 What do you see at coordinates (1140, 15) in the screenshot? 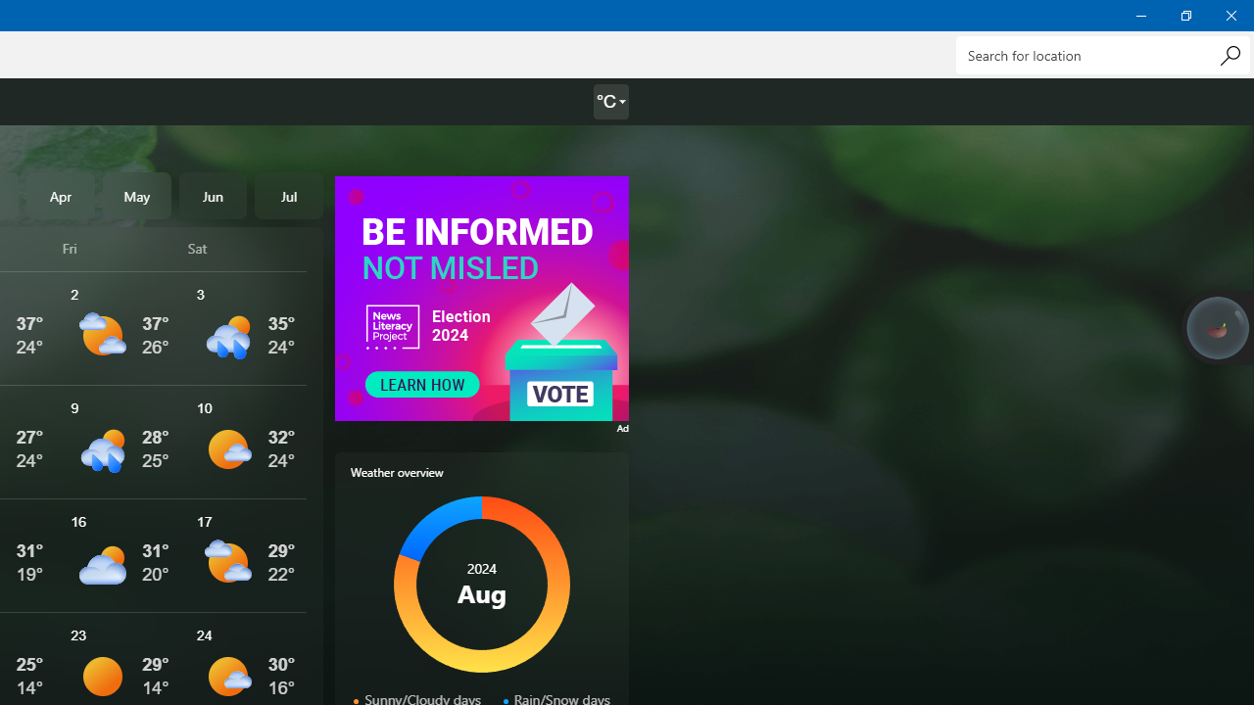
I see `'Minimize Weather'` at bounding box center [1140, 15].